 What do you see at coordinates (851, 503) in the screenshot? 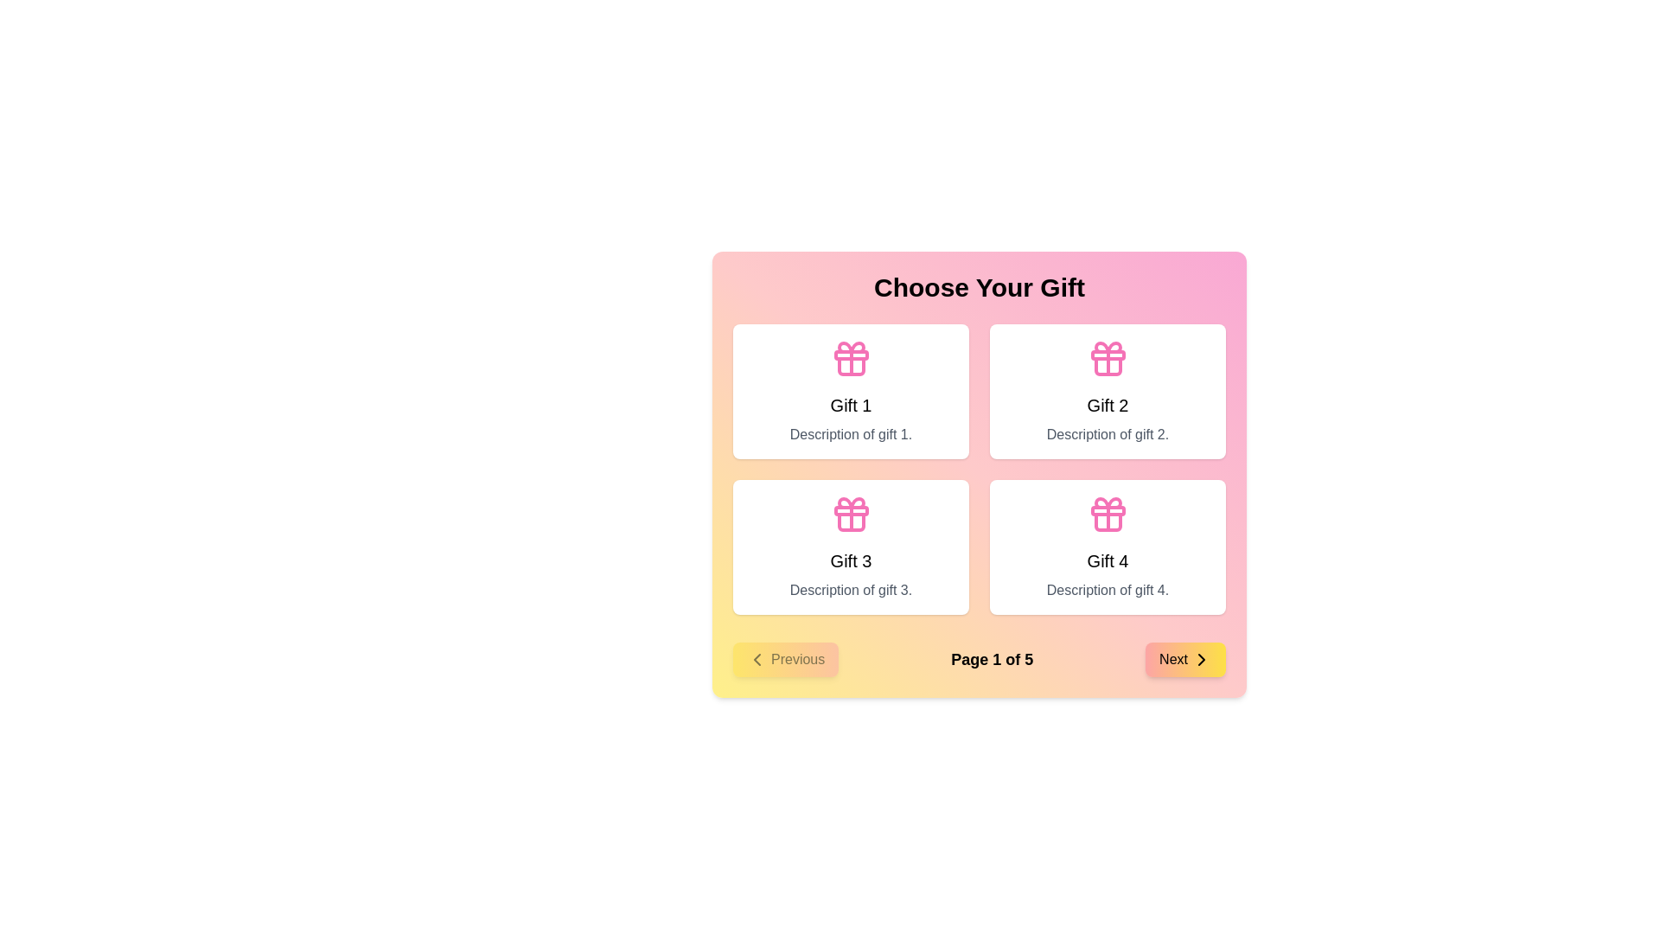
I see `the pink bow or ribbon element at the top of the gift box icon, which is the fourth and topmost component of the SVG graphic above the 'Gift 3' text` at bounding box center [851, 503].